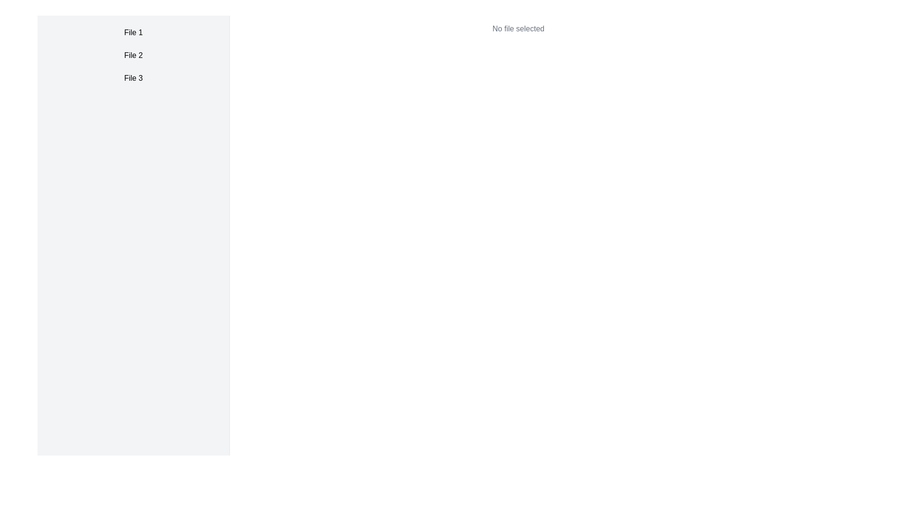 The height and width of the screenshot is (513, 912). What do you see at coordinates (133, 32) in the screenshot?
I see `the first item in the file list, which represents 'File 1'` at bounding box center [133, 32].